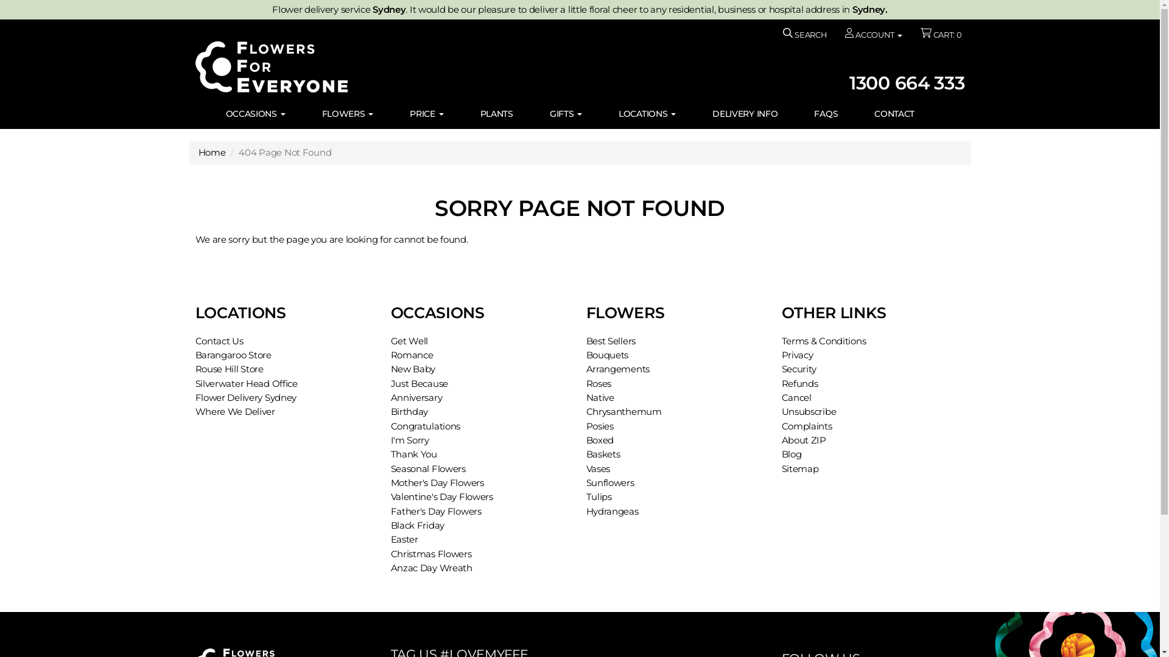  I want to click on 'SEARCH', so click(773, 34).